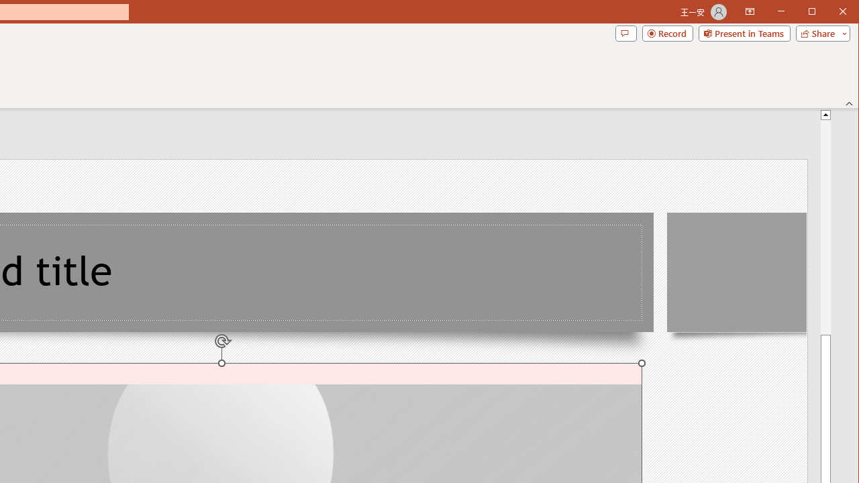  I want to click on 'Line up', so click(825, 113).